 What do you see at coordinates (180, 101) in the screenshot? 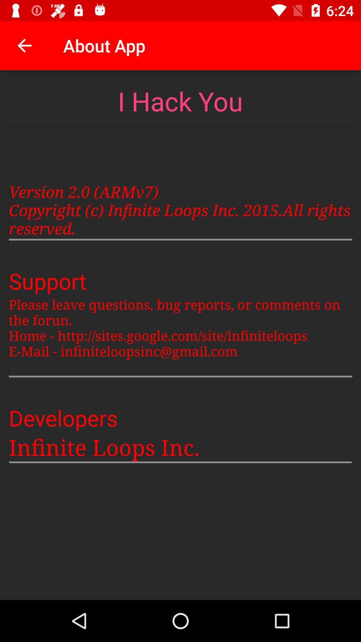
I see `icon below the about app` at bounding box center [180, 101].